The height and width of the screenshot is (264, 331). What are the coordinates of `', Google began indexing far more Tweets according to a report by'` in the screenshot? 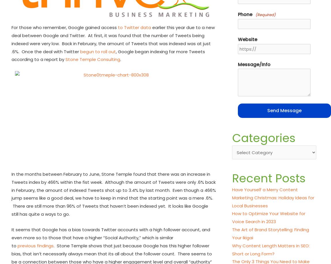 It's located at (108, 55).